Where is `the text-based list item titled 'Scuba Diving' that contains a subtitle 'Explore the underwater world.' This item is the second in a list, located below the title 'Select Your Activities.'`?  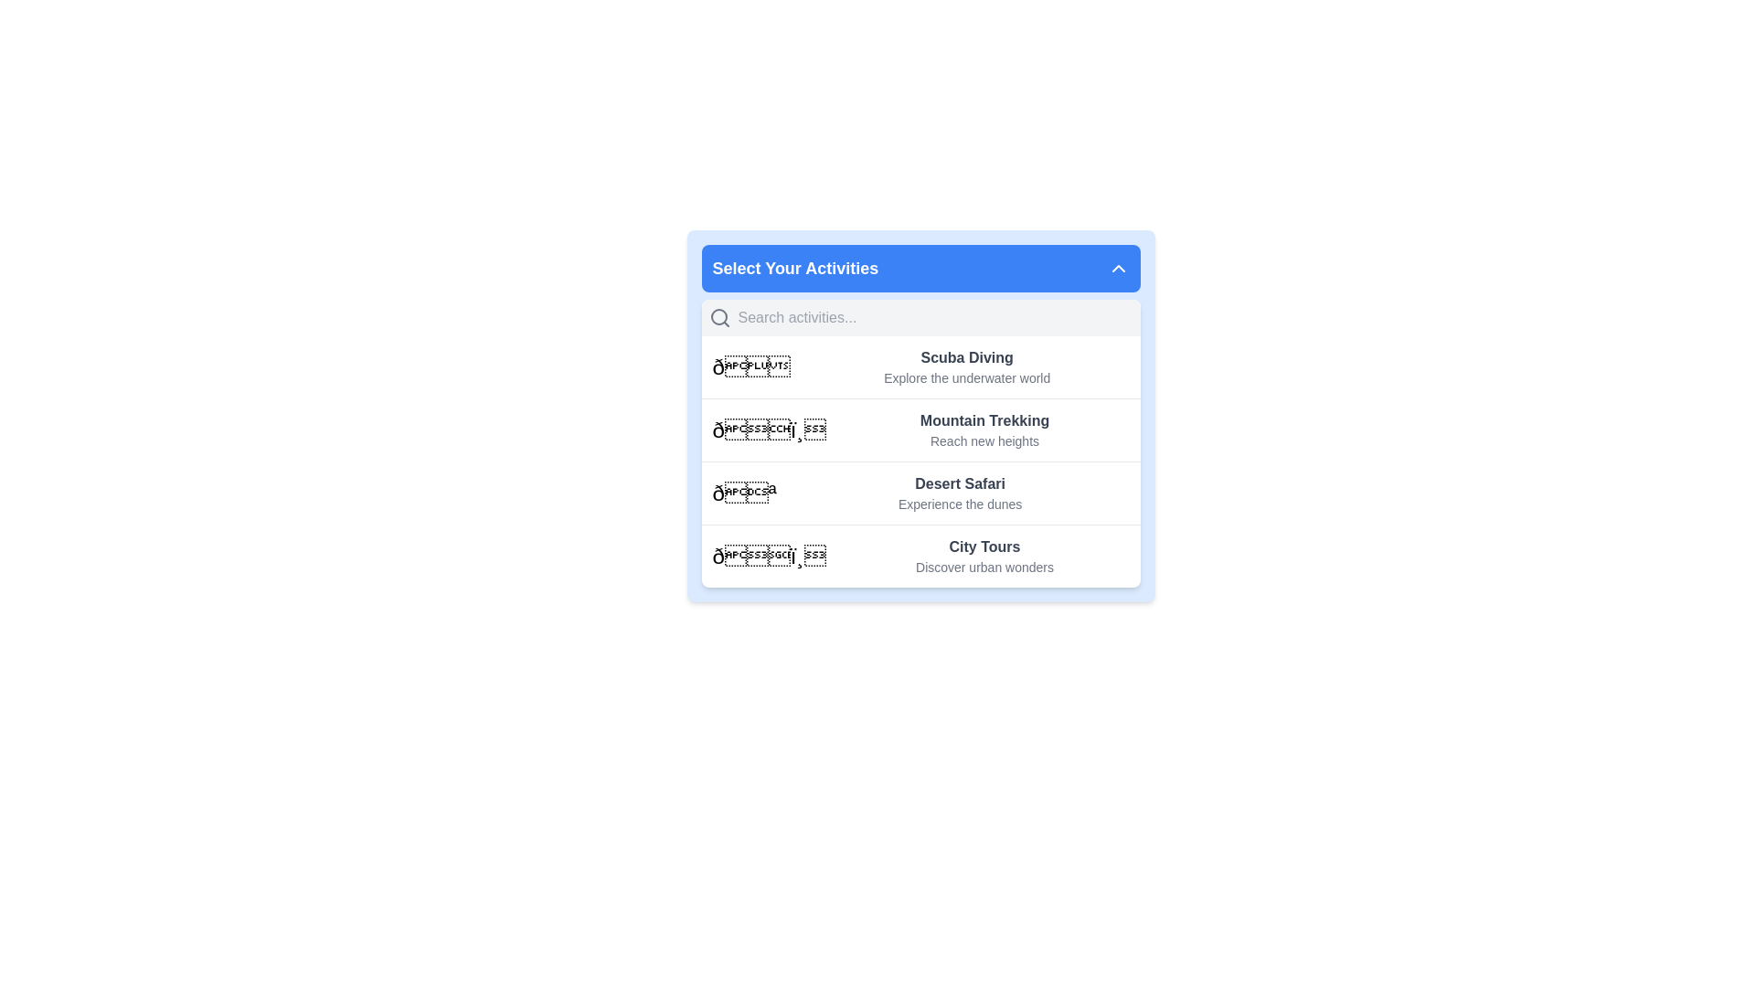
the text-based list item titled 'Scuba Diving' that contains a subtitle 'Explore the underwater world.' This item is the second in a list, located below the title 'Select Your Activities.' is located at coordinates (966, 366).